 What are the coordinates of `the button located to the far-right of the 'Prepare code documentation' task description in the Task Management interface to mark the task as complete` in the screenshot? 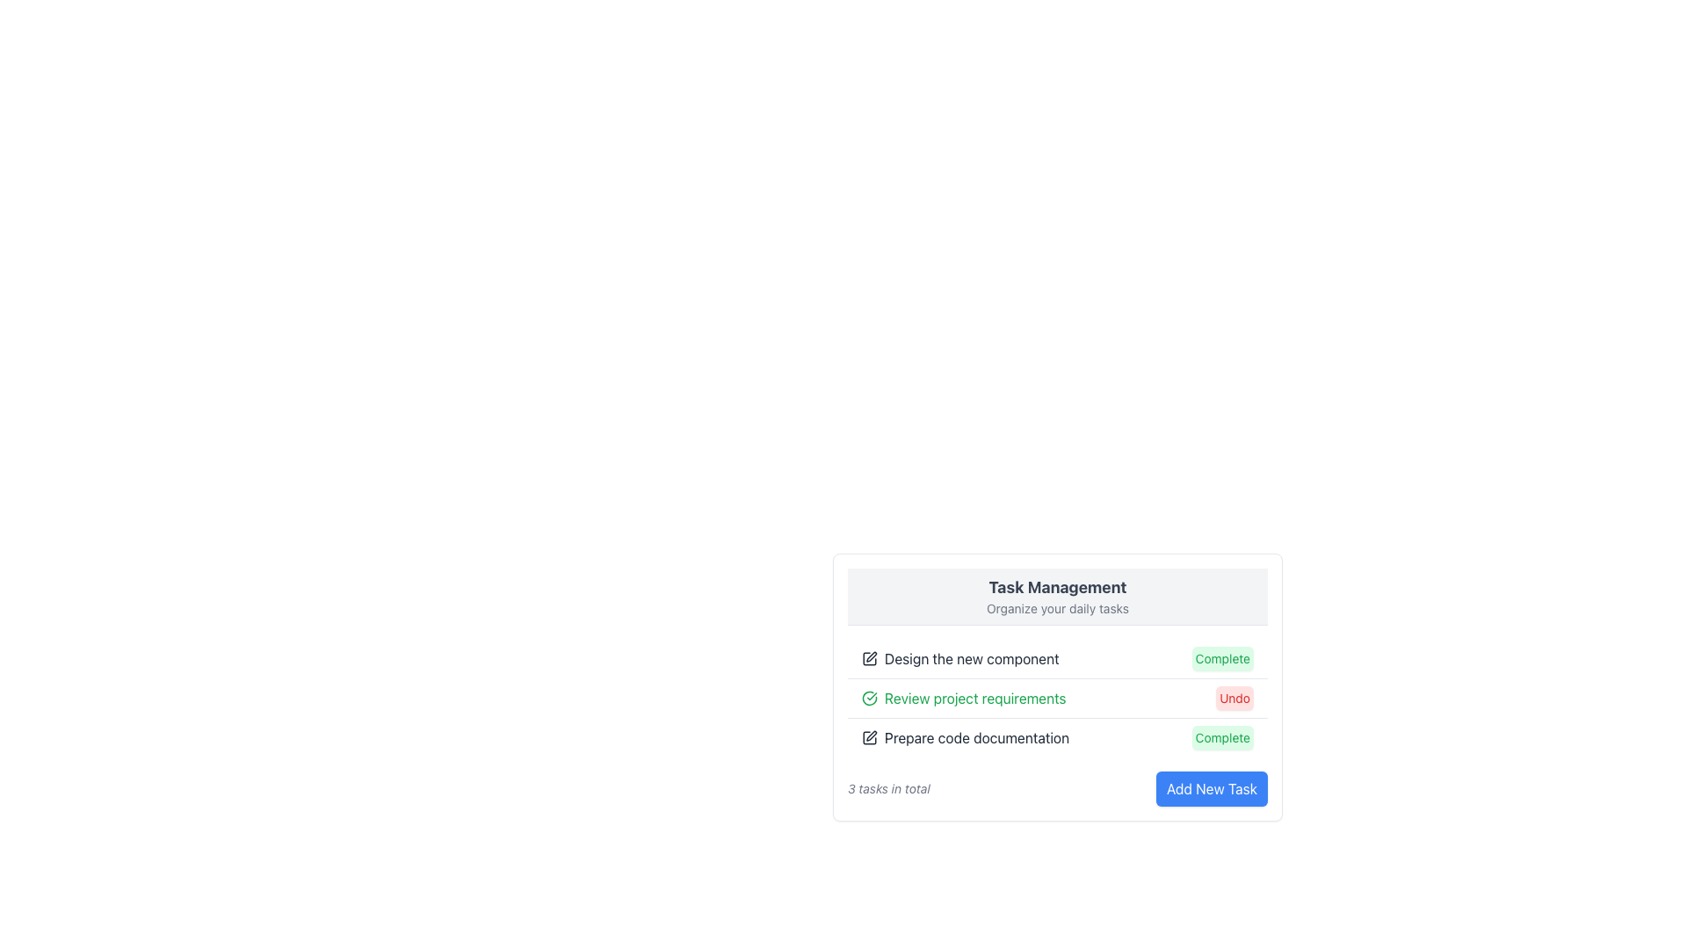 It's located at (1221, 738).